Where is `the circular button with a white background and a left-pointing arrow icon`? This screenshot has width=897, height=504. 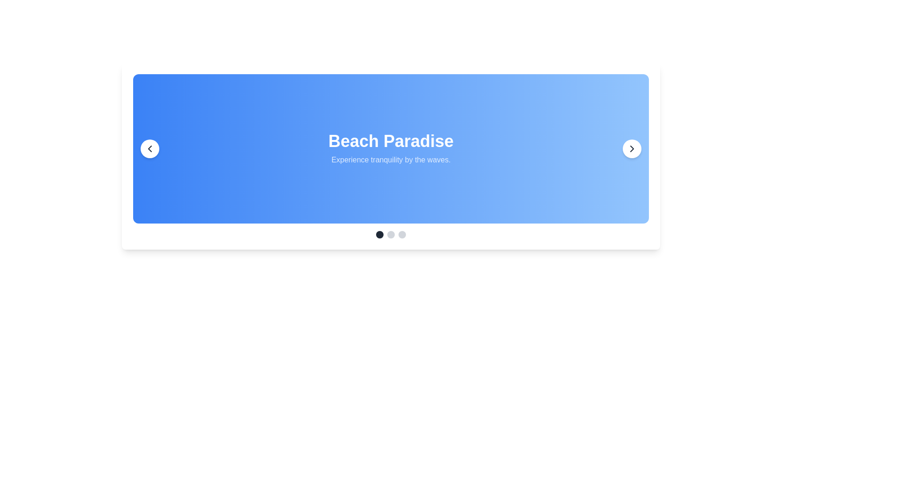 the circular button with a white background and a left-pointing arrow icon is located at coordinates (150, 148).